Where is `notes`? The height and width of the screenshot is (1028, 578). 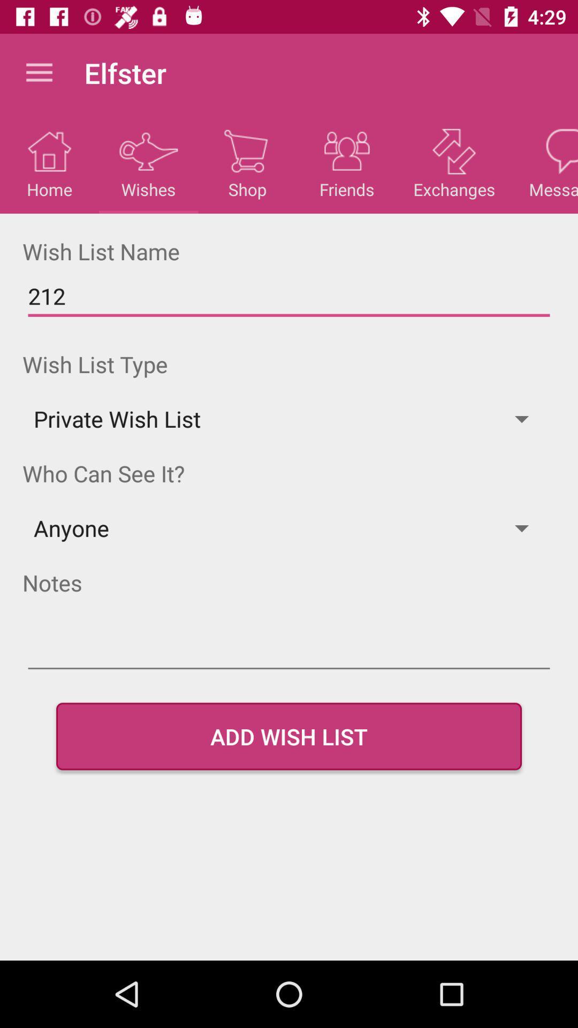 notes is located at coordinates (289, 649).